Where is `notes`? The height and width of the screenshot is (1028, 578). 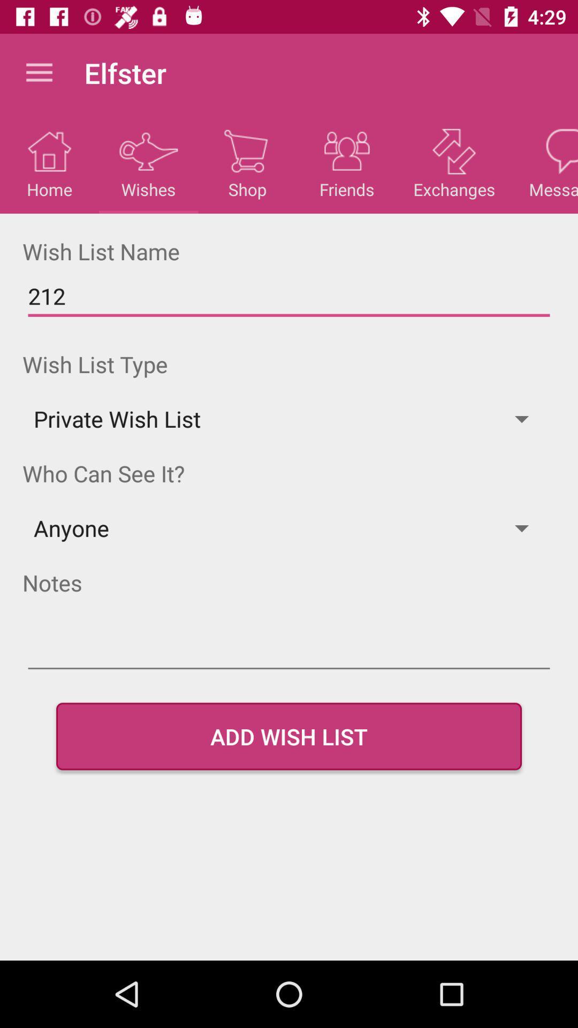 notes is located at coordinates (289, 649).